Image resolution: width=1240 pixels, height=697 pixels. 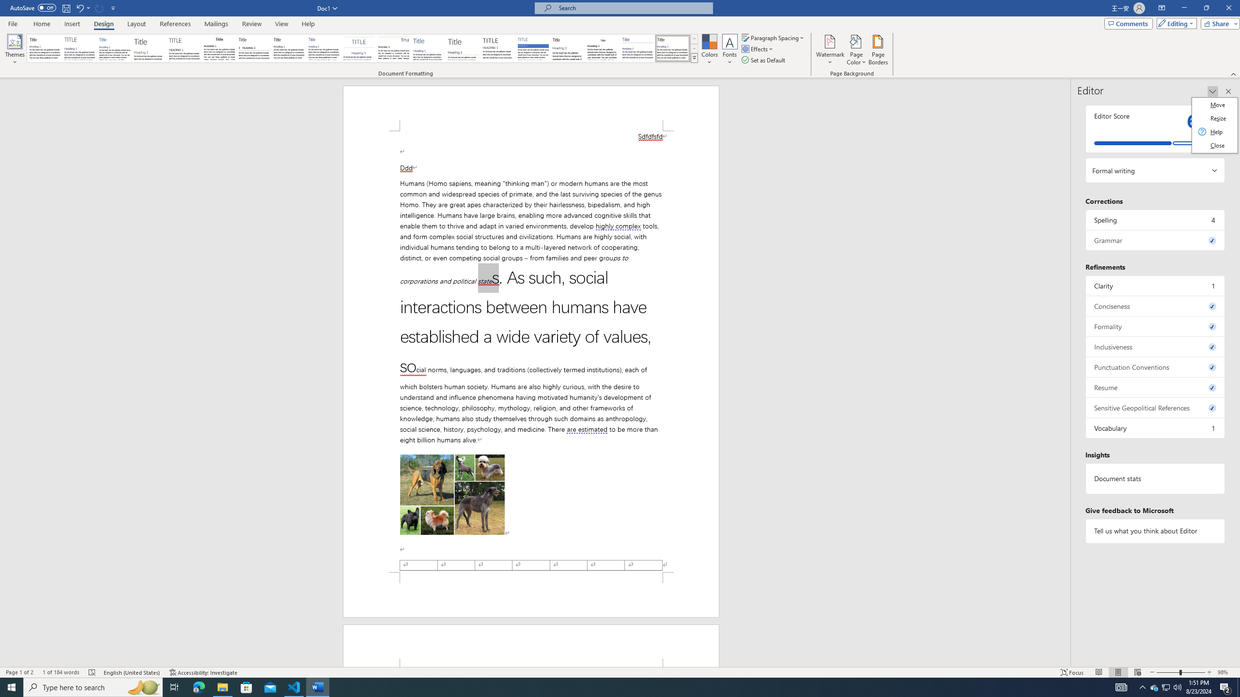 What do you see at coordinates (709, 50) in the screenshot?
I see `'Colors'` at bounding box center [709, 50].